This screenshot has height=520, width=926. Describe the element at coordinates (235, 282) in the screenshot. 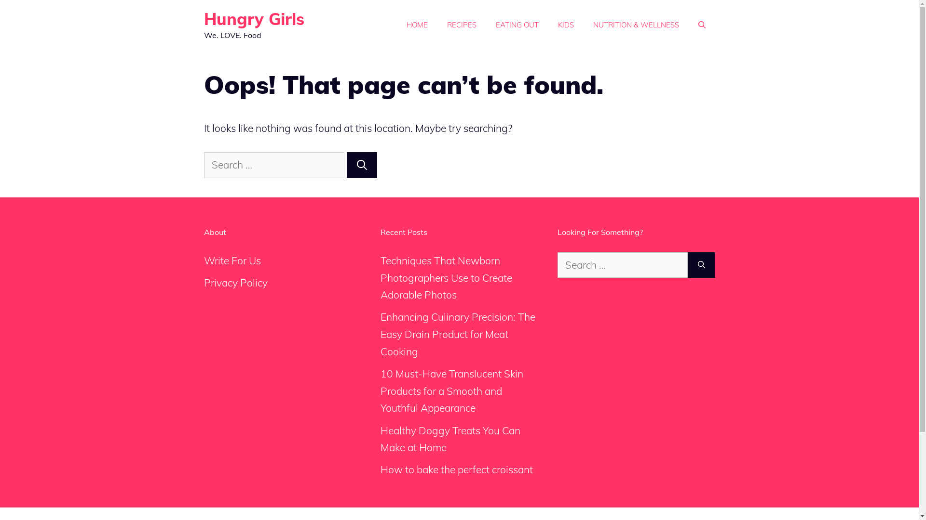

I see `'Privacy Policy'` at that location.